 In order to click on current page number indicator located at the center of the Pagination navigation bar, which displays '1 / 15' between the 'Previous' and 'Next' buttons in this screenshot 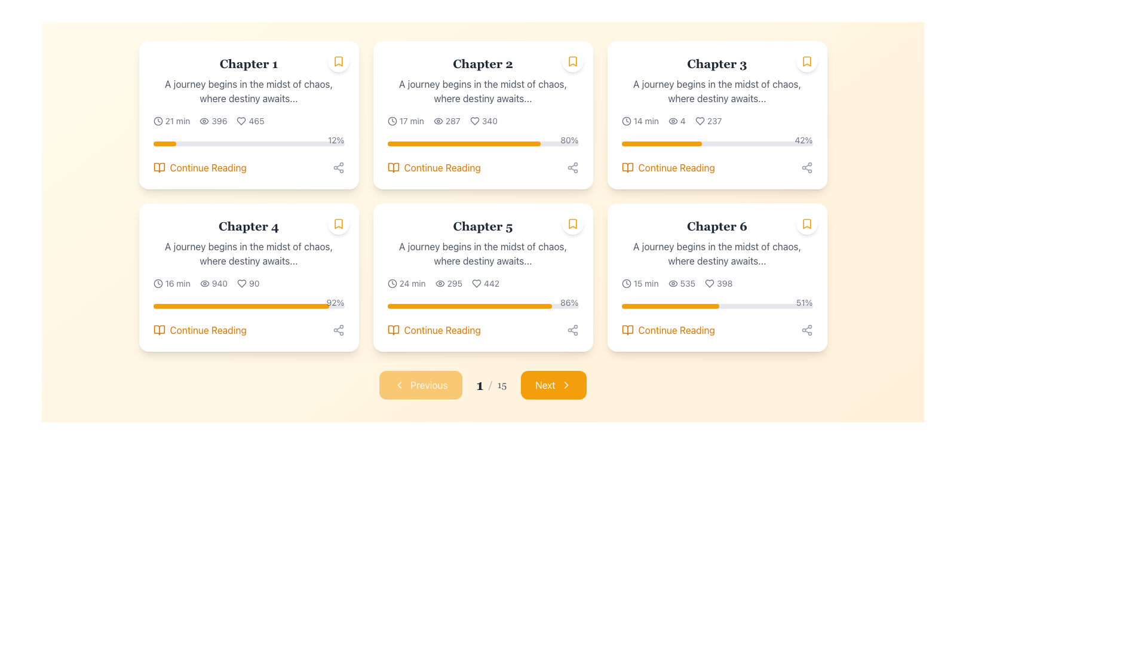, I will do `click(483, 385)`.